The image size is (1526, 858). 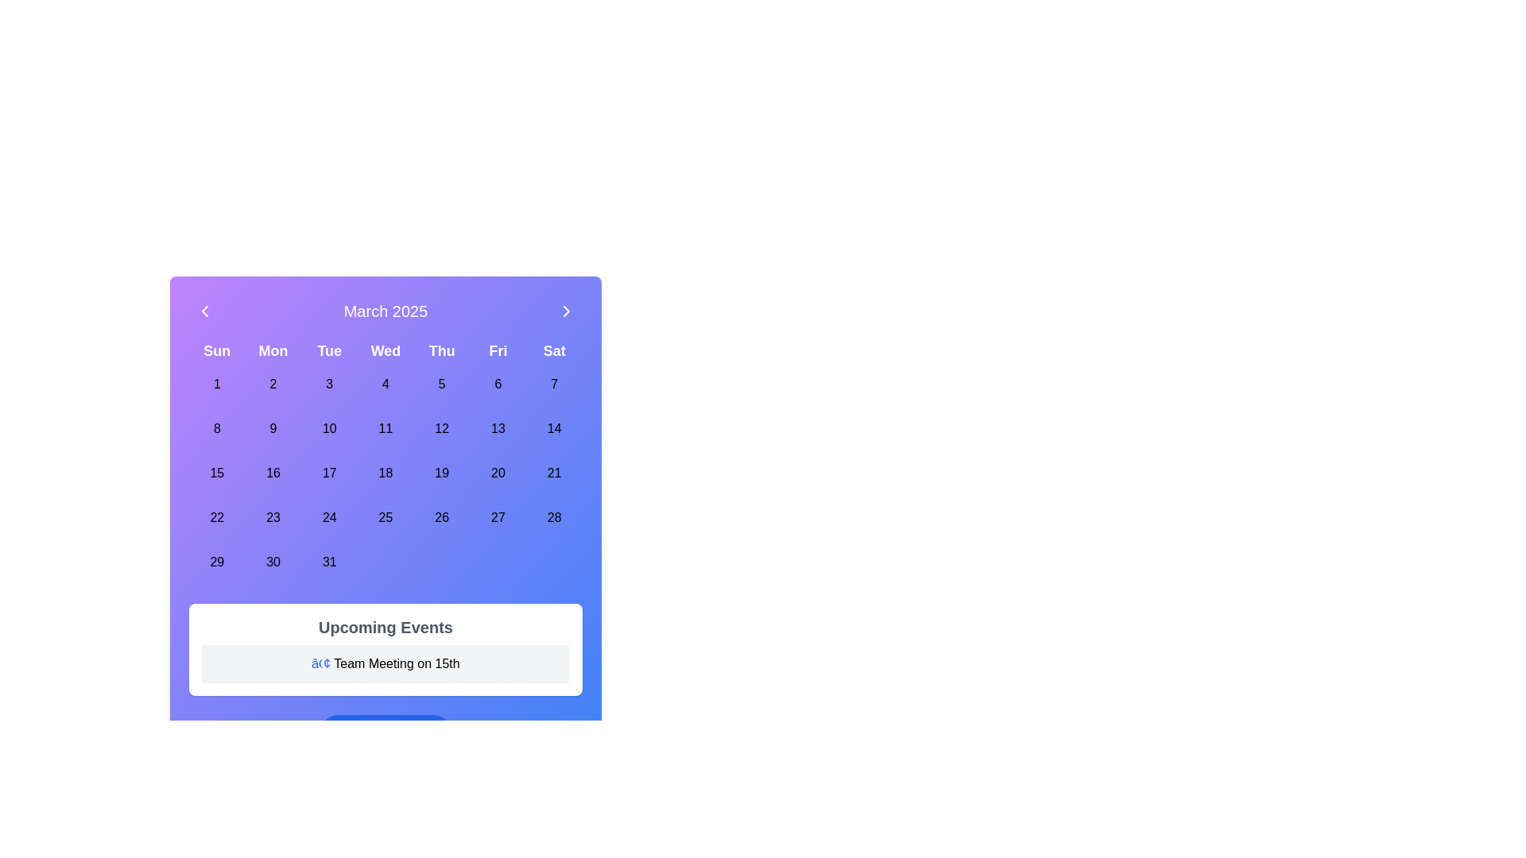 What do you see at coordinates (204, 311) in the screenshot?
I see `the left chevron button in the calendar header` at bounding box center [204, 311].